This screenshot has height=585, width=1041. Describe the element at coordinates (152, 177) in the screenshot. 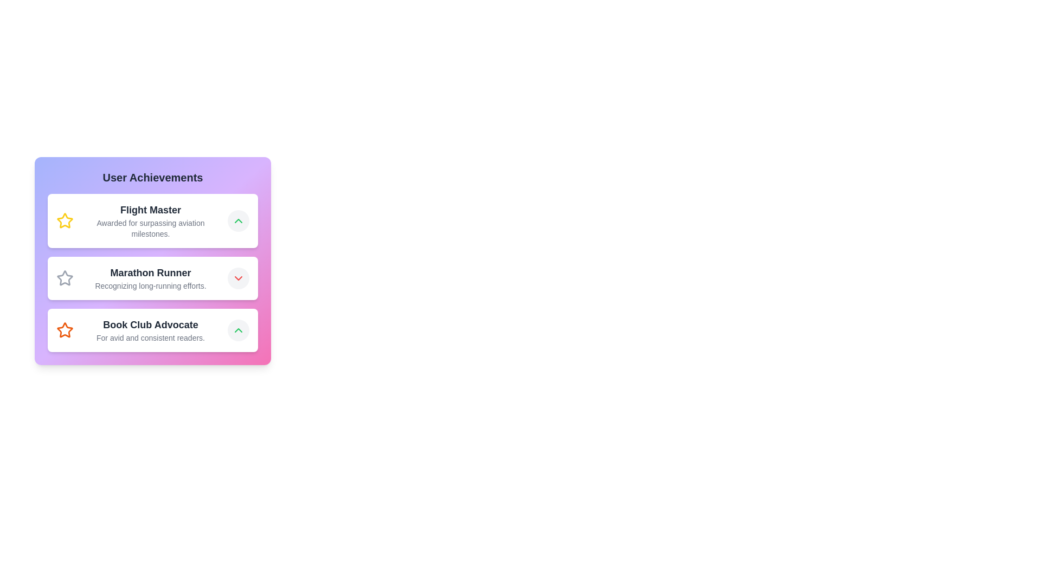

I see `the 'User Achievements' text heading, which is a bold, large-font title centered at the top of the award cards list` at that location.